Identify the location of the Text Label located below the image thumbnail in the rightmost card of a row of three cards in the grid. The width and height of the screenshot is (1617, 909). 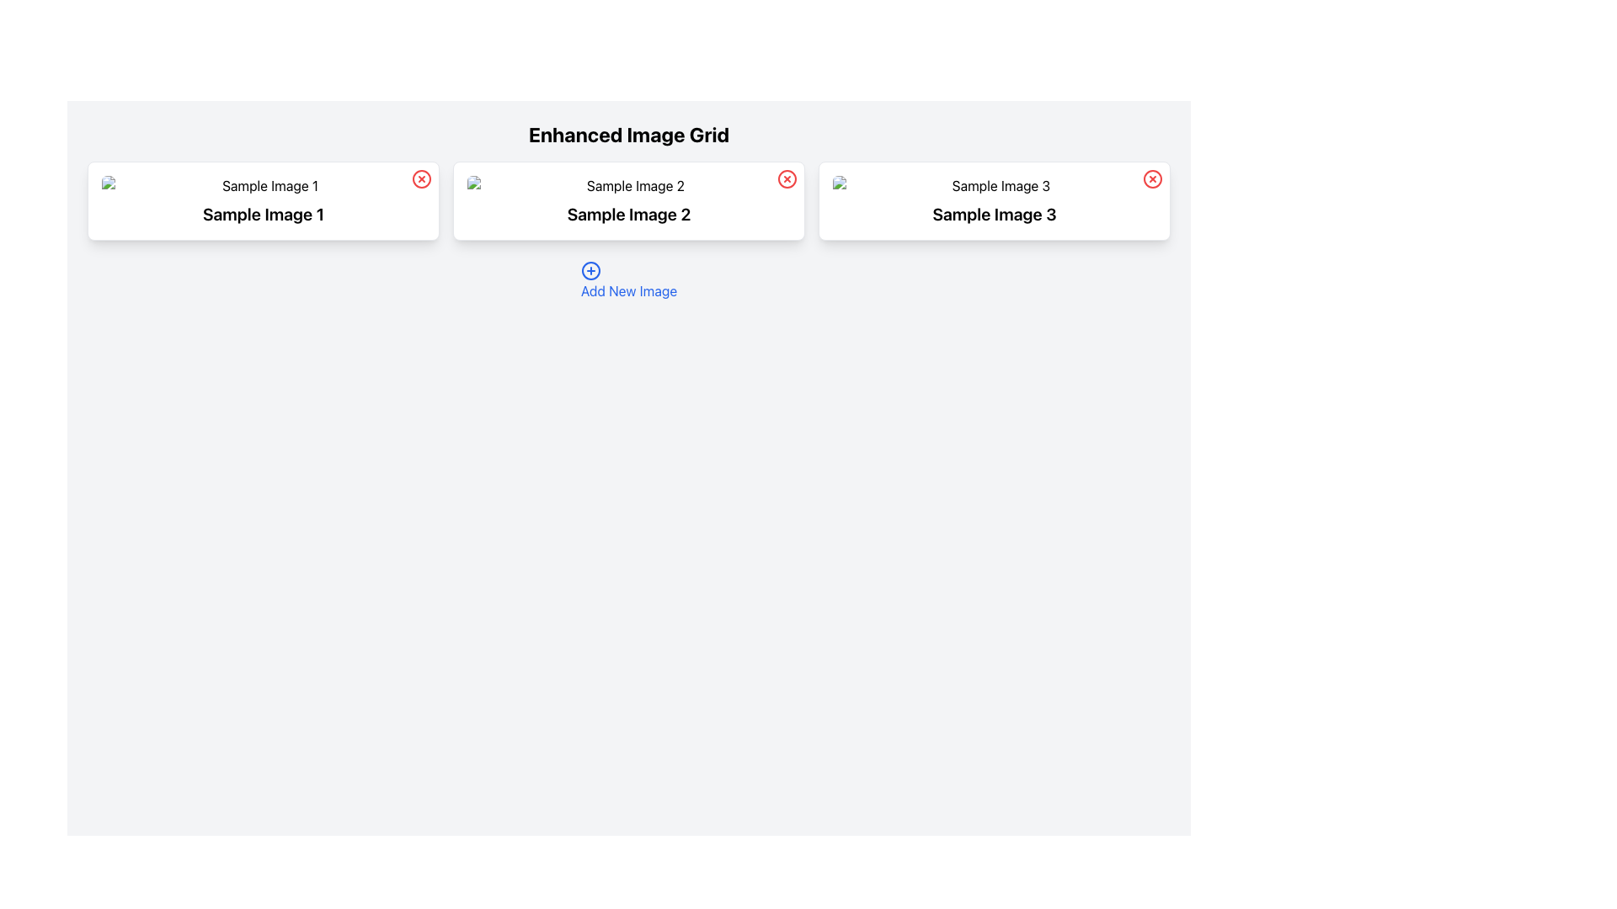
(994, 213).